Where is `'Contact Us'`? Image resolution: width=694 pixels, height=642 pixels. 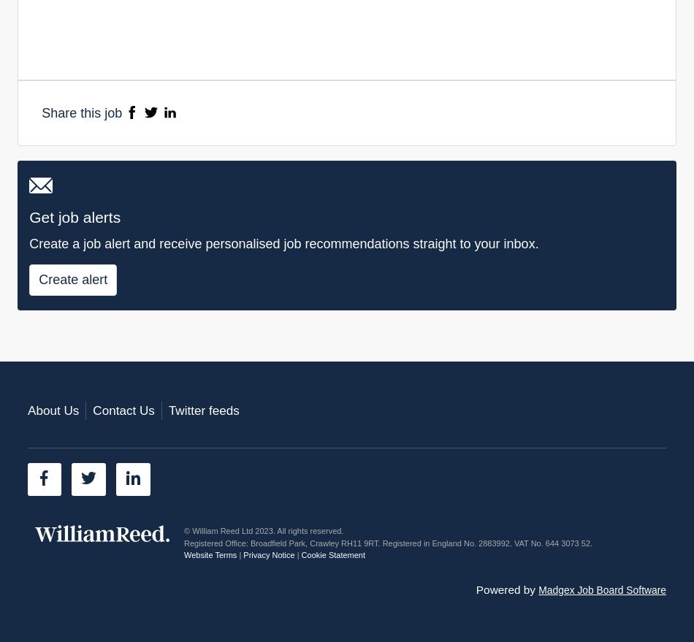
'Contact Us' is located at coordinates (93, 409).